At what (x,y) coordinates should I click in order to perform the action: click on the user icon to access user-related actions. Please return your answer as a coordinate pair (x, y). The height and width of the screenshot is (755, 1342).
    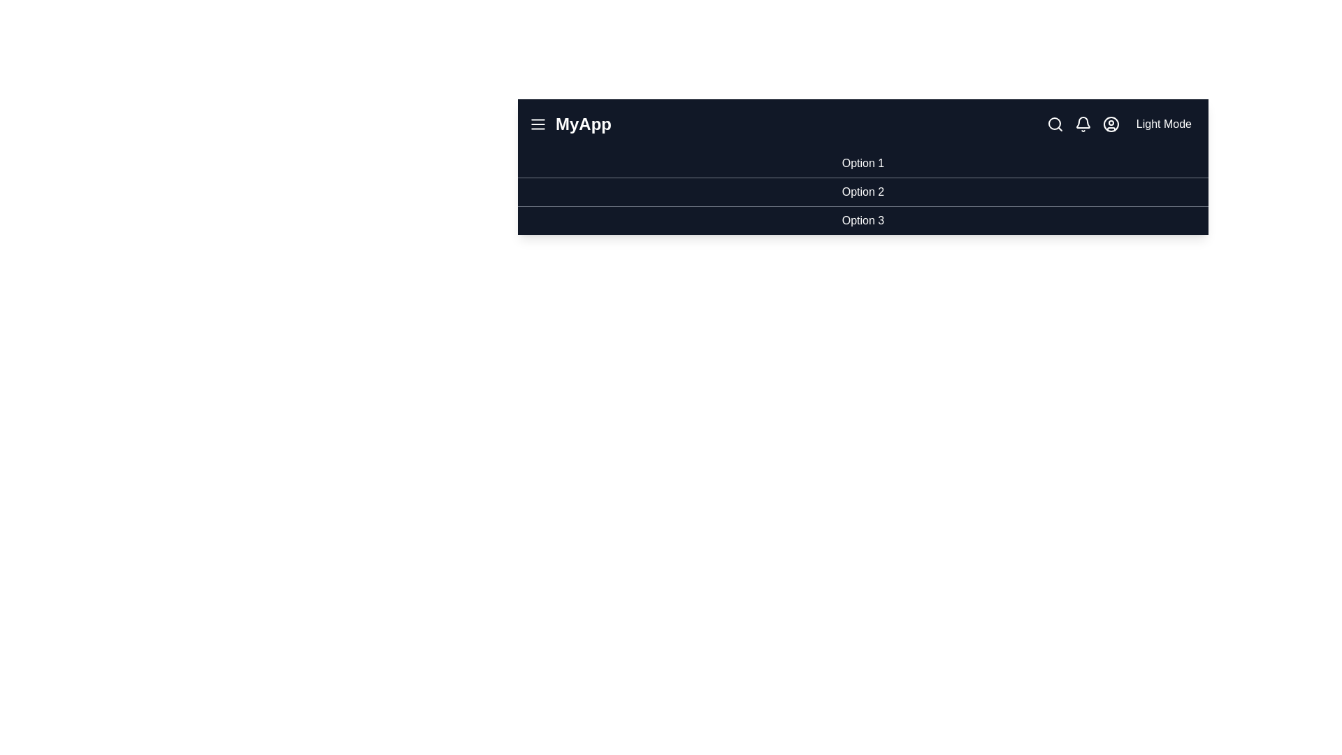
    Looking at the image, I should click on (1110, 123).